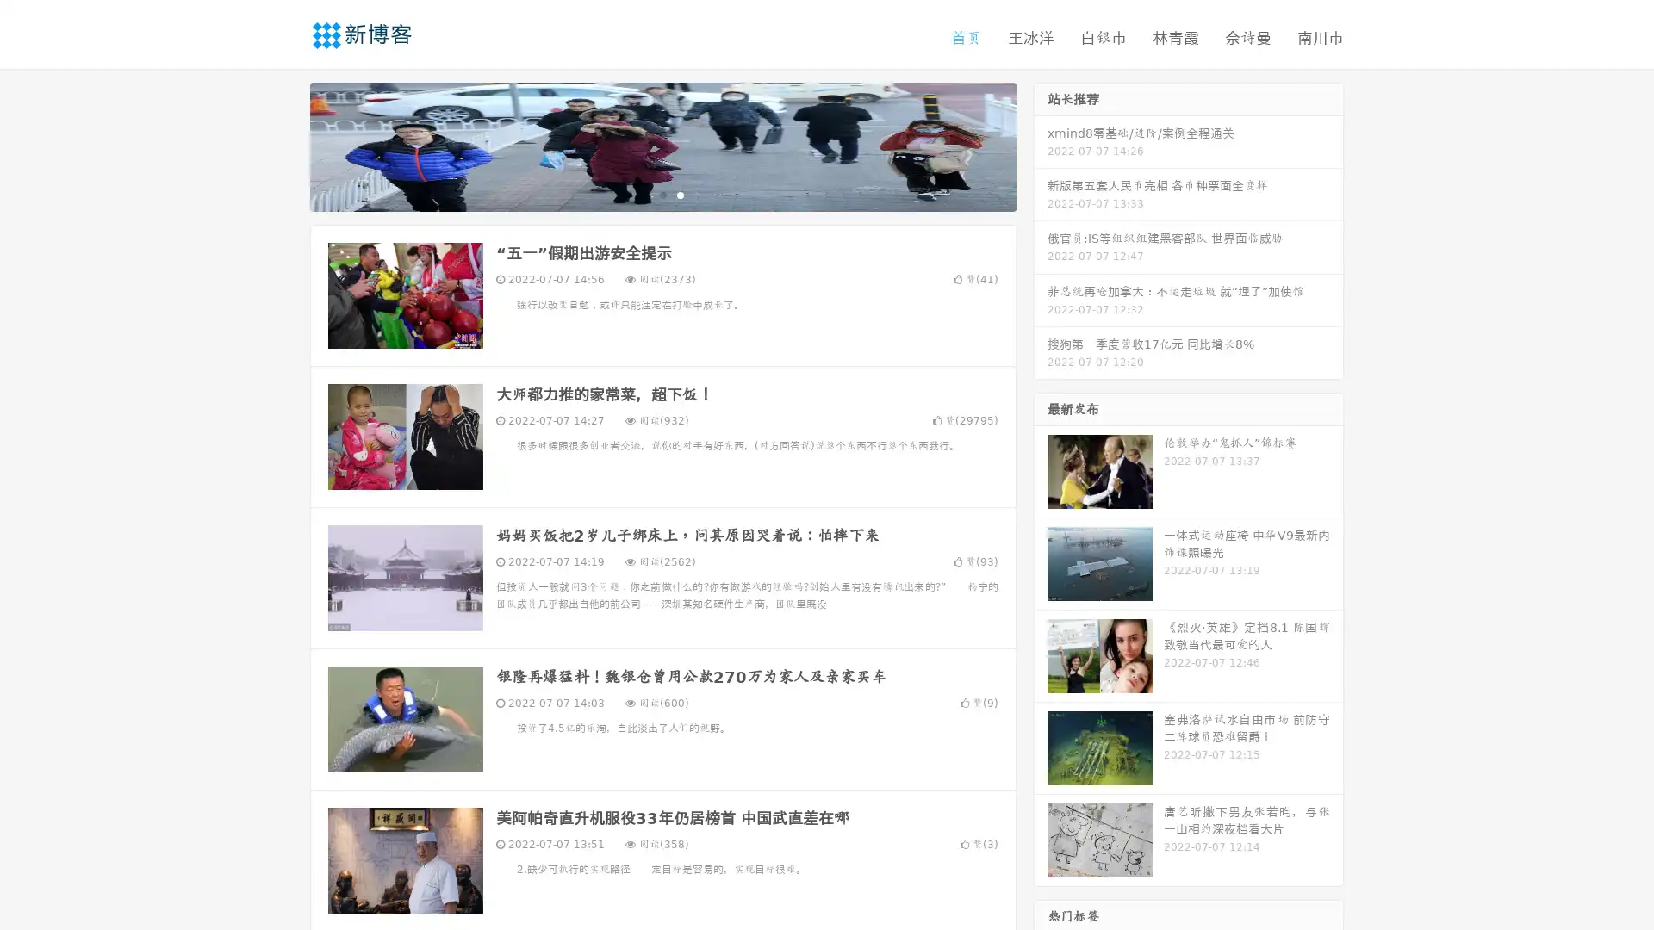  Describe the element at coordinates (1041, 145) in the screenshot. I see `Next slide` at that location.